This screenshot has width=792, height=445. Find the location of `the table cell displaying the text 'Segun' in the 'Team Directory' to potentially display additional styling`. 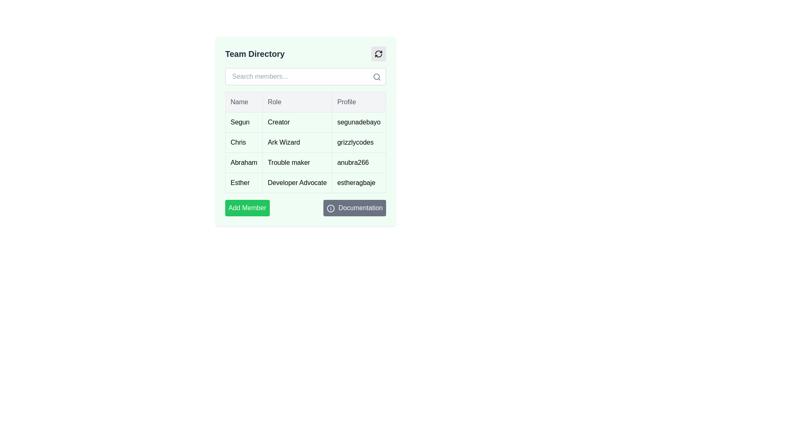

the table cell displaying the text 'Segun' in the 'Team Directory' to potentially display additional styling is located at coordinates (243, 122).